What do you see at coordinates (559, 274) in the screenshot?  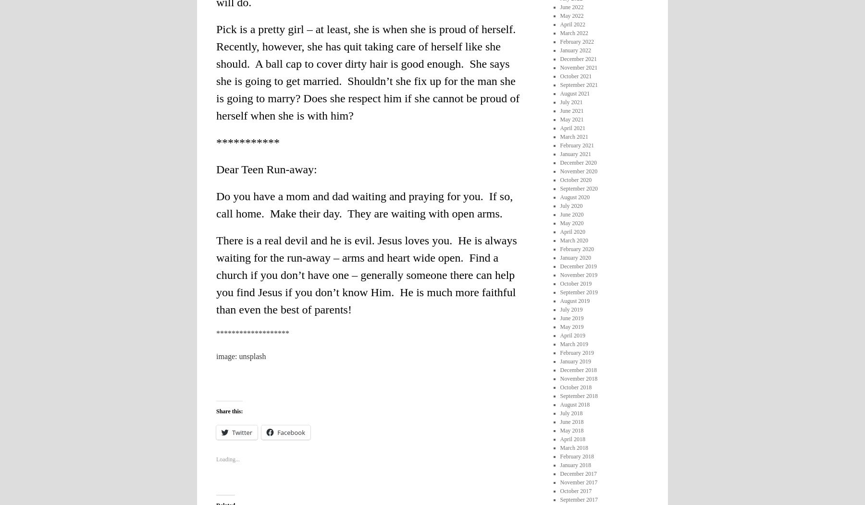 I see `'November 2019'` at bounding box center [559, 274].